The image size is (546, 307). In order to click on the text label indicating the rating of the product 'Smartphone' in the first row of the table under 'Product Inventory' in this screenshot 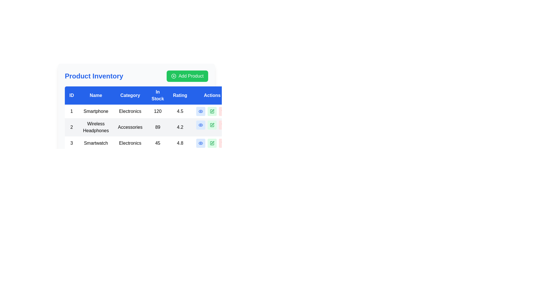, I will do `click(180, 111)`.